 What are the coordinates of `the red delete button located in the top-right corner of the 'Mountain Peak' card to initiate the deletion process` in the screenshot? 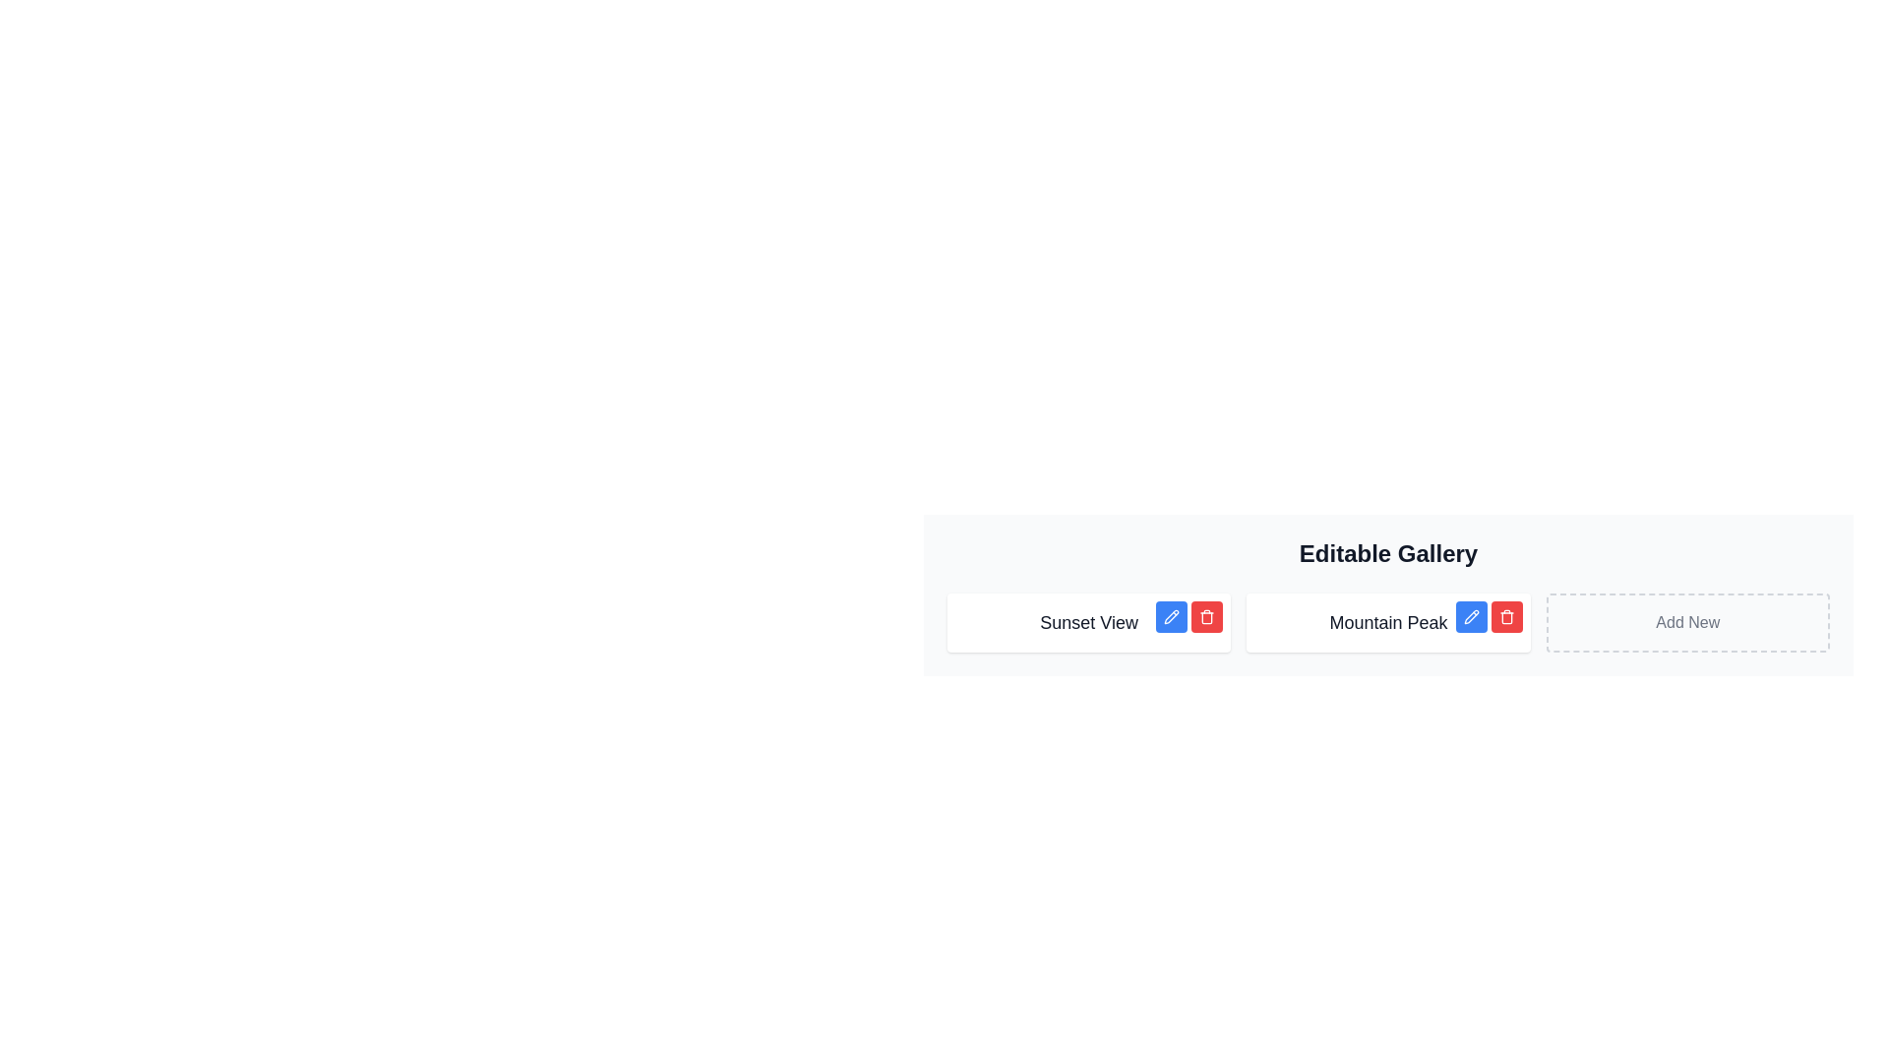 It's located at (1489, 616).